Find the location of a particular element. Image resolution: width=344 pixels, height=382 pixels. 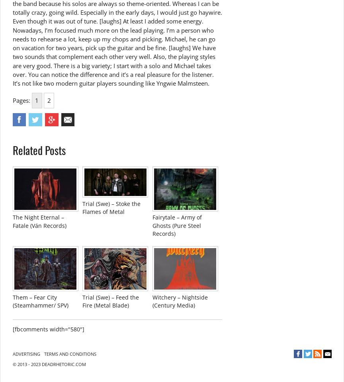

'Trial (Swe) – Feed the Fire (Metal Blade)' is located at coordinates (82, 301).